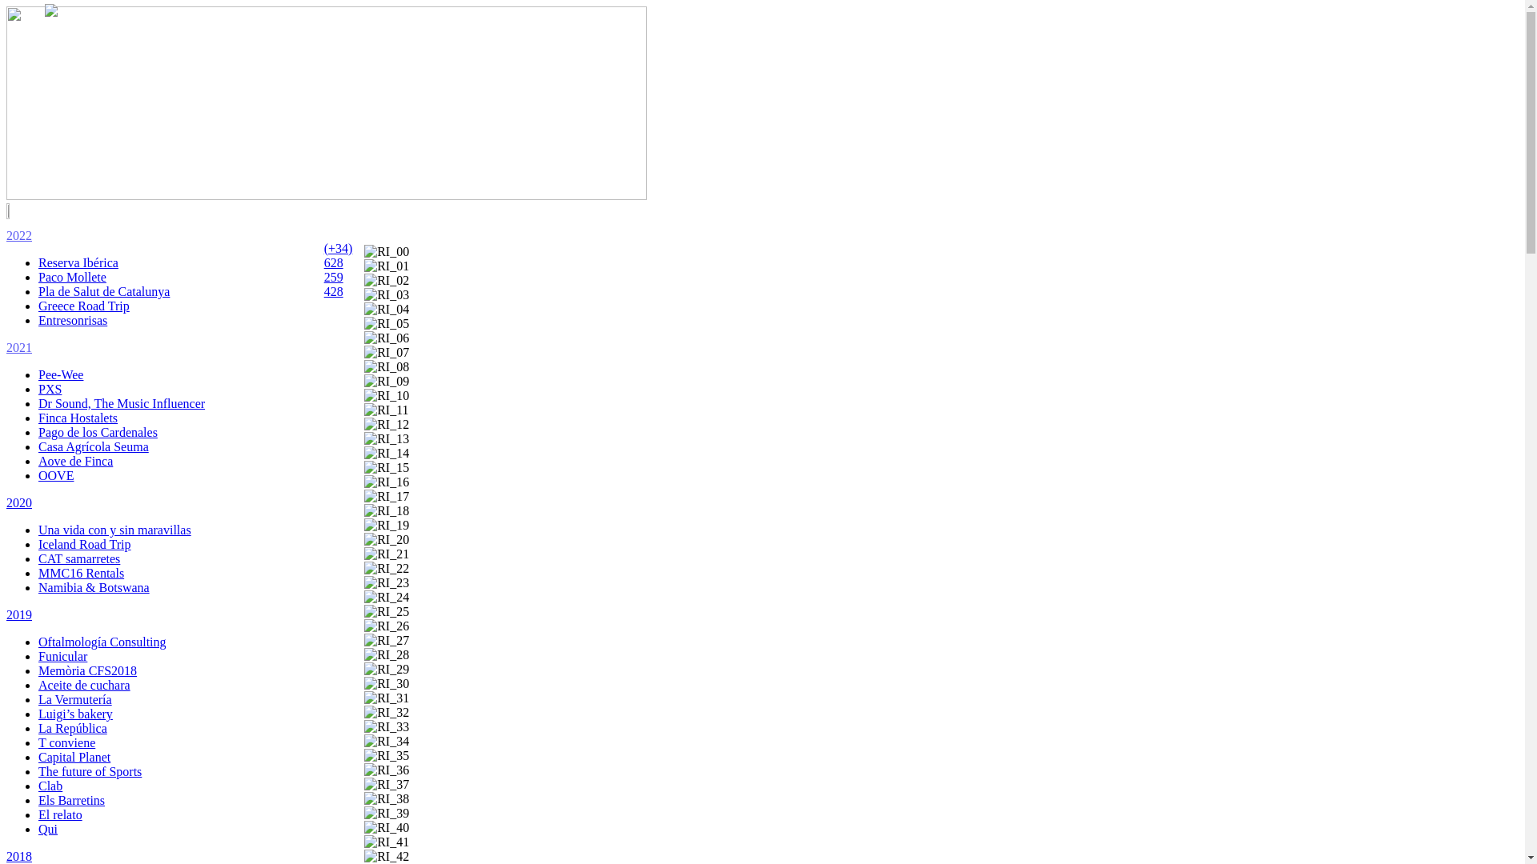 This screenshot has width=1537, height=864. What do you see at coordinates (38, 756) in the screenshot?
I see `'Capital Planet'` at bounding box center [38, 756].